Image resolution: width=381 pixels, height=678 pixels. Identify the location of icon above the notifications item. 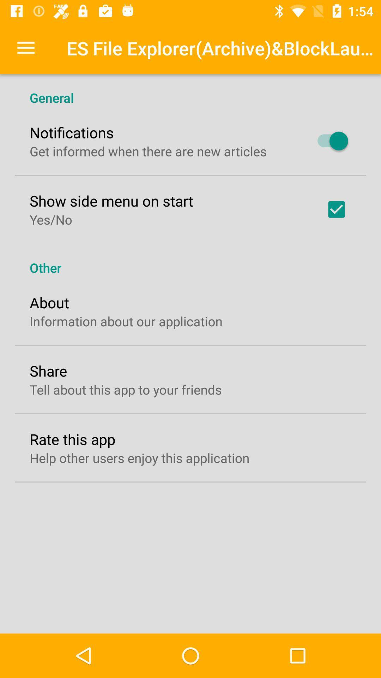
(190, 90).